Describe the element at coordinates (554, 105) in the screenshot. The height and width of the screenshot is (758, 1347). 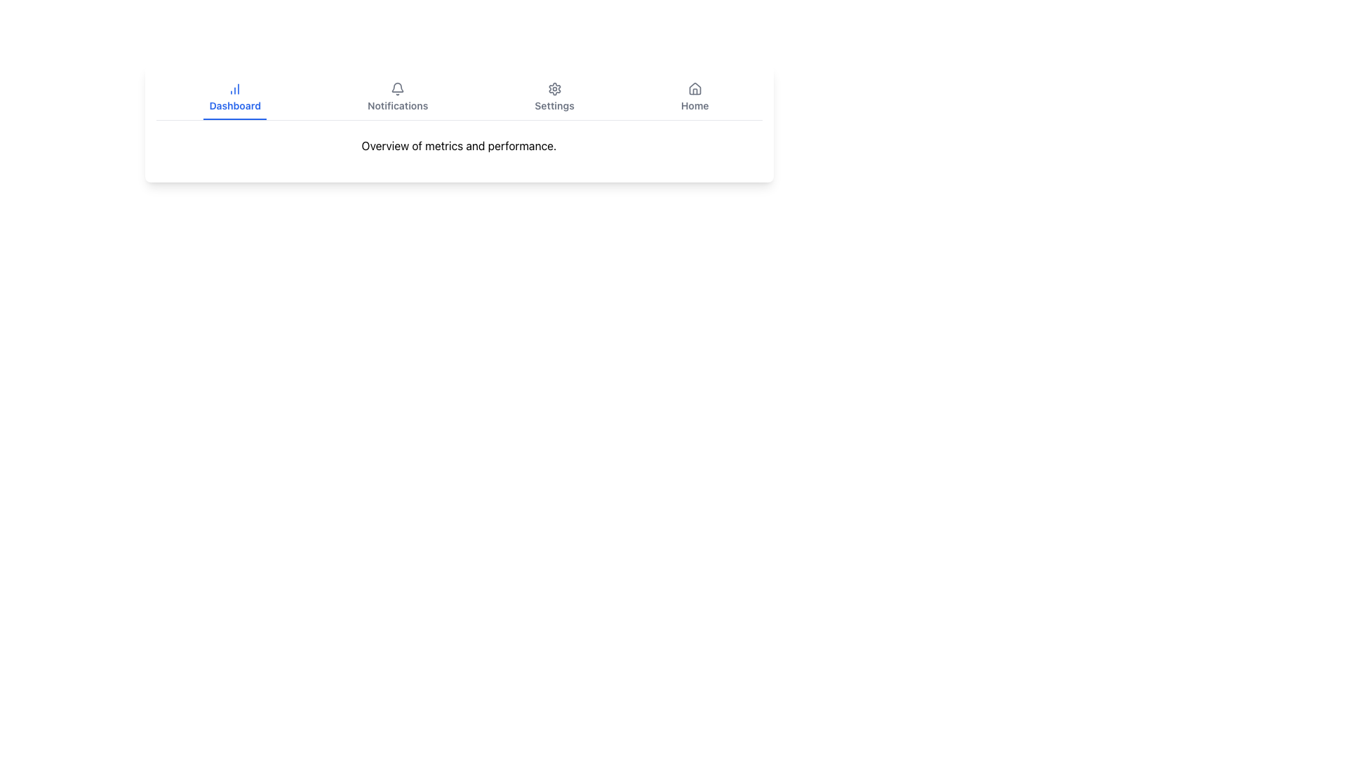
I see `the Text Label that describes the settings feature, located at the bottom of a vertical stack in the navigation bar` at that location.